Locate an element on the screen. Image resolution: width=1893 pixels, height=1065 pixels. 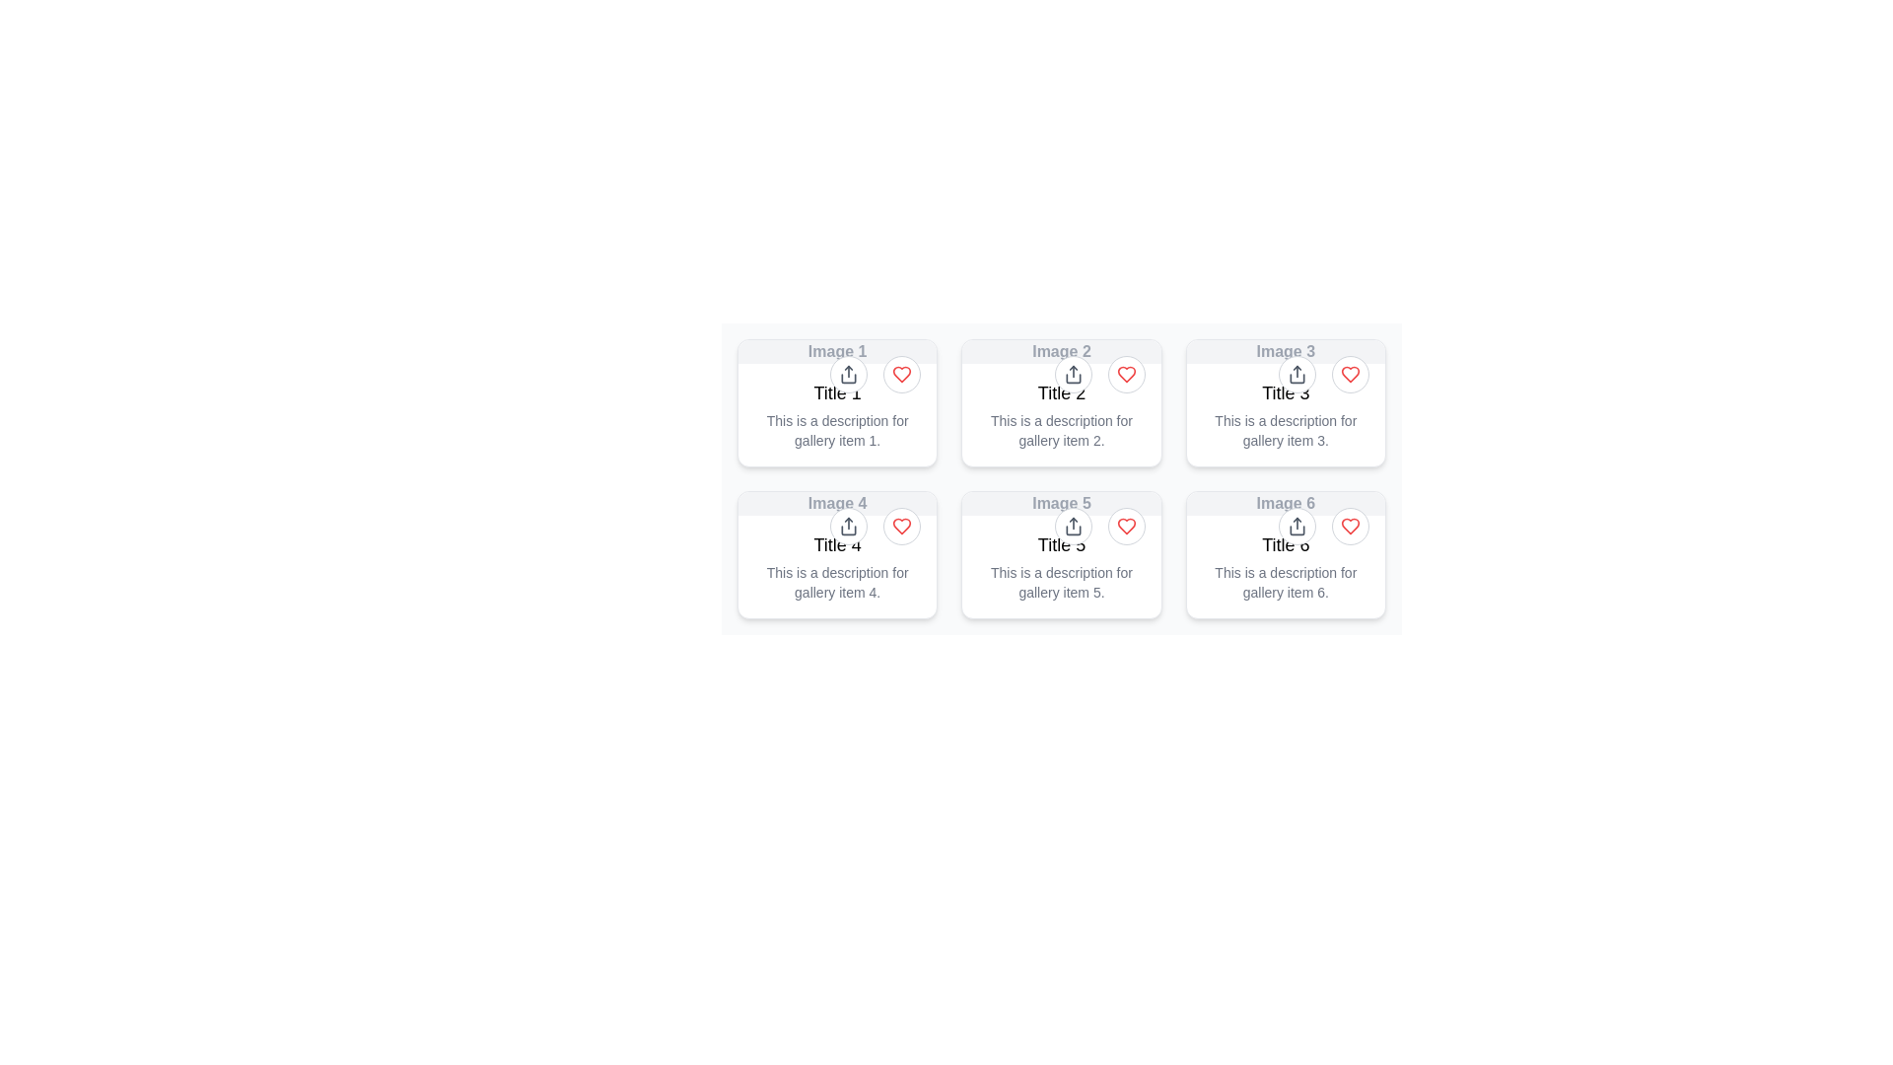
the Text Content Block displaying the title and brief description for the fourth gallery item located directly beneath 'Image 4' is located at coordinates (837, 566).